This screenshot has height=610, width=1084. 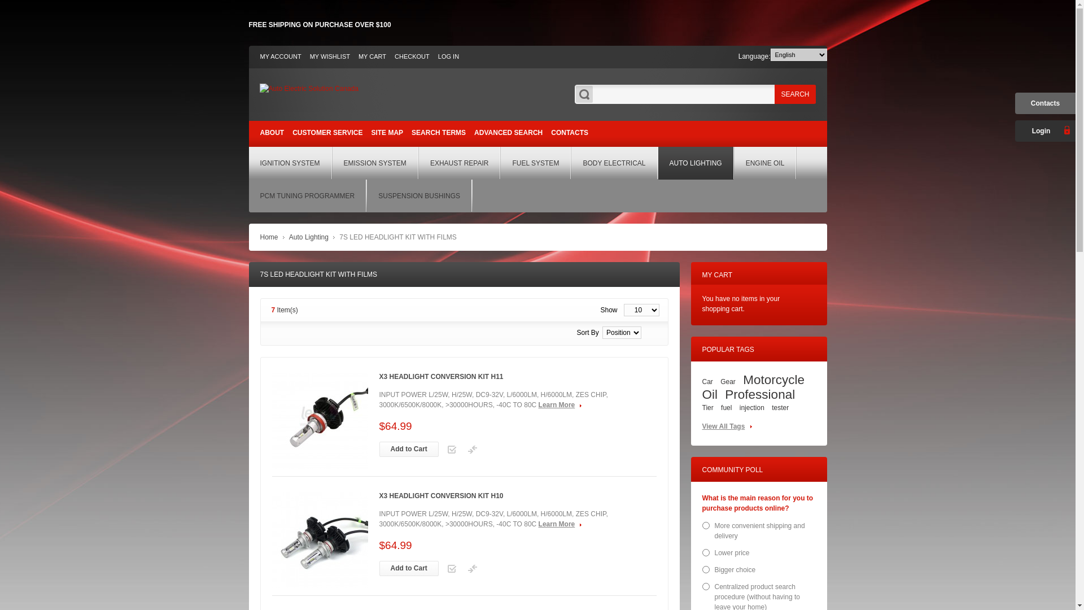 I want to click on 'SITE MAP', so click(x=387, y=132).